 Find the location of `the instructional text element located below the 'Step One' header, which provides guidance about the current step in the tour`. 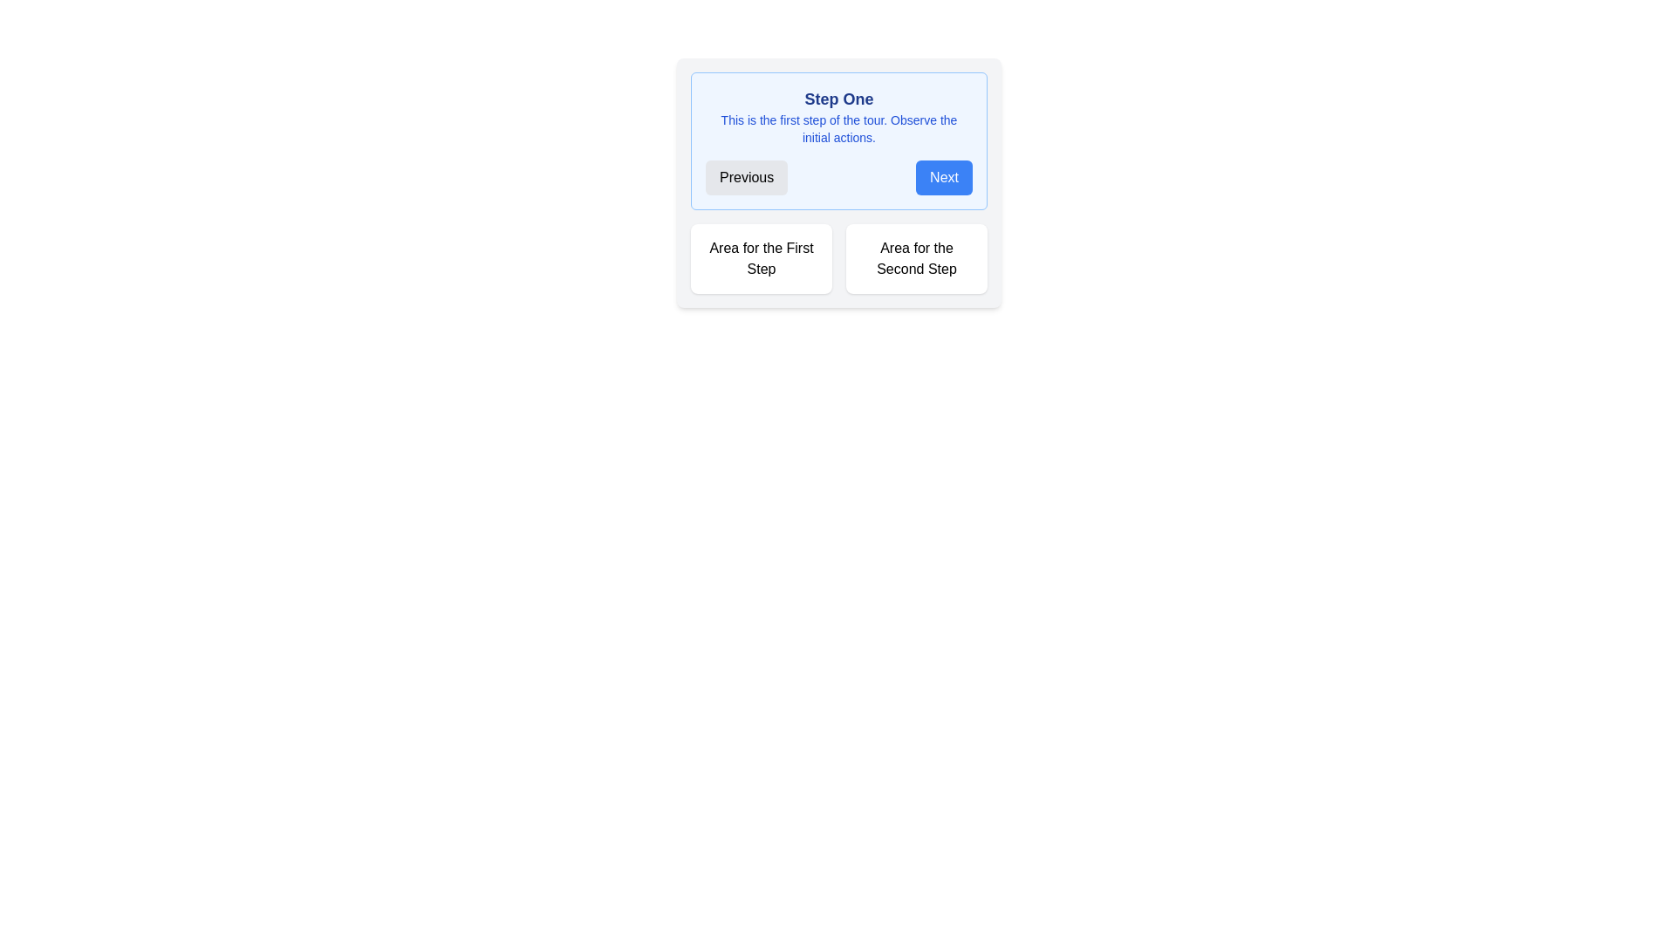

the instructional text element located below the 'Step One' header, which provides guidance about the current step in the tour is located at coordinates (838, 127).